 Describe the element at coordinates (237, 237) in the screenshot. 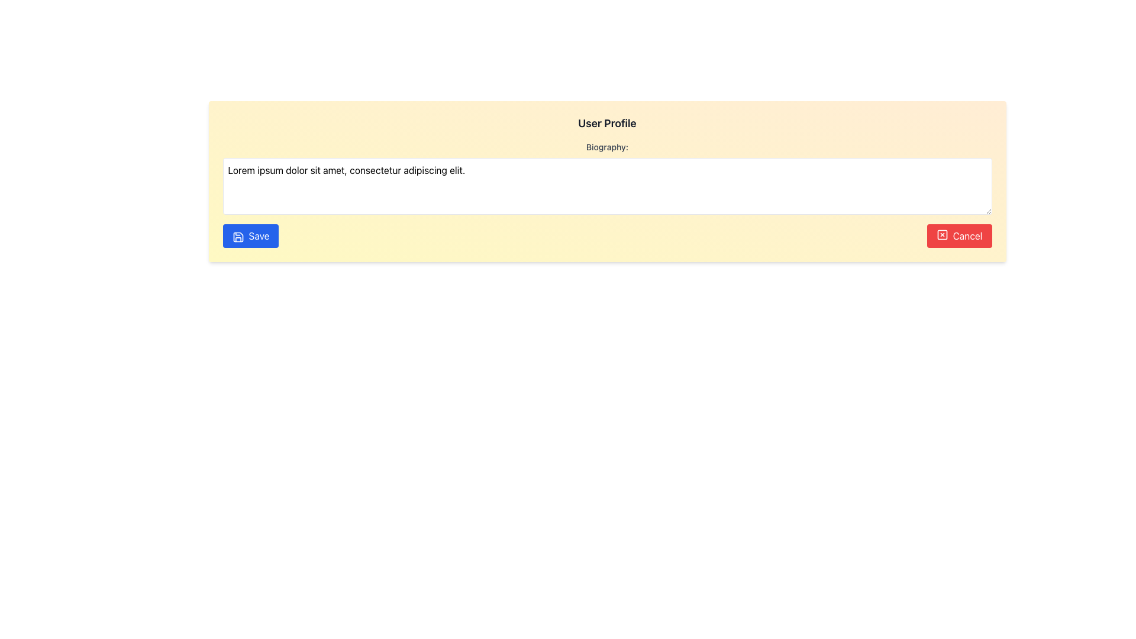

I see `the save icon, which is part of the blue 'Save' button located at the bottom left of the interactive form` at that location.